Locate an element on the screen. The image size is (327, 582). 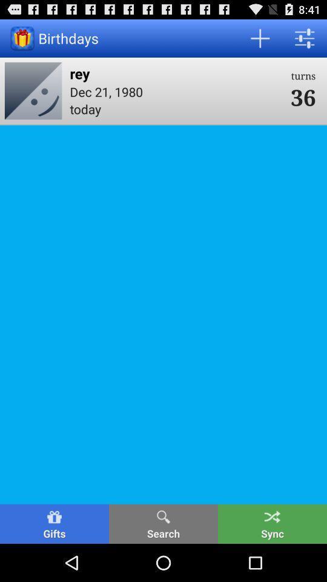
app next to 36 is located at coordinates (176, 91).